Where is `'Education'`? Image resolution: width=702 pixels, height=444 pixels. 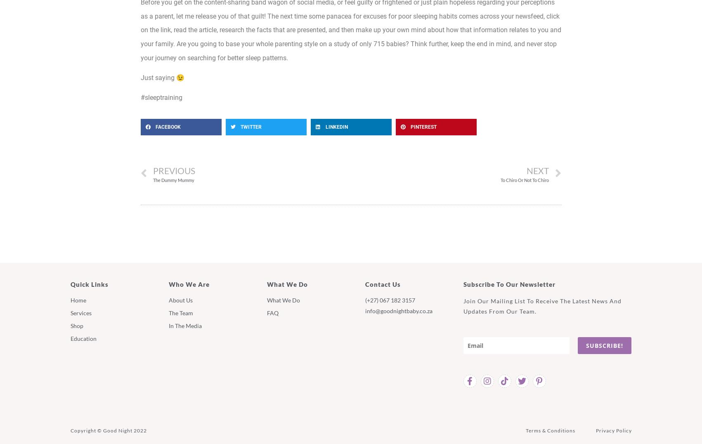 'Education' is located at coordinates (83, 338).